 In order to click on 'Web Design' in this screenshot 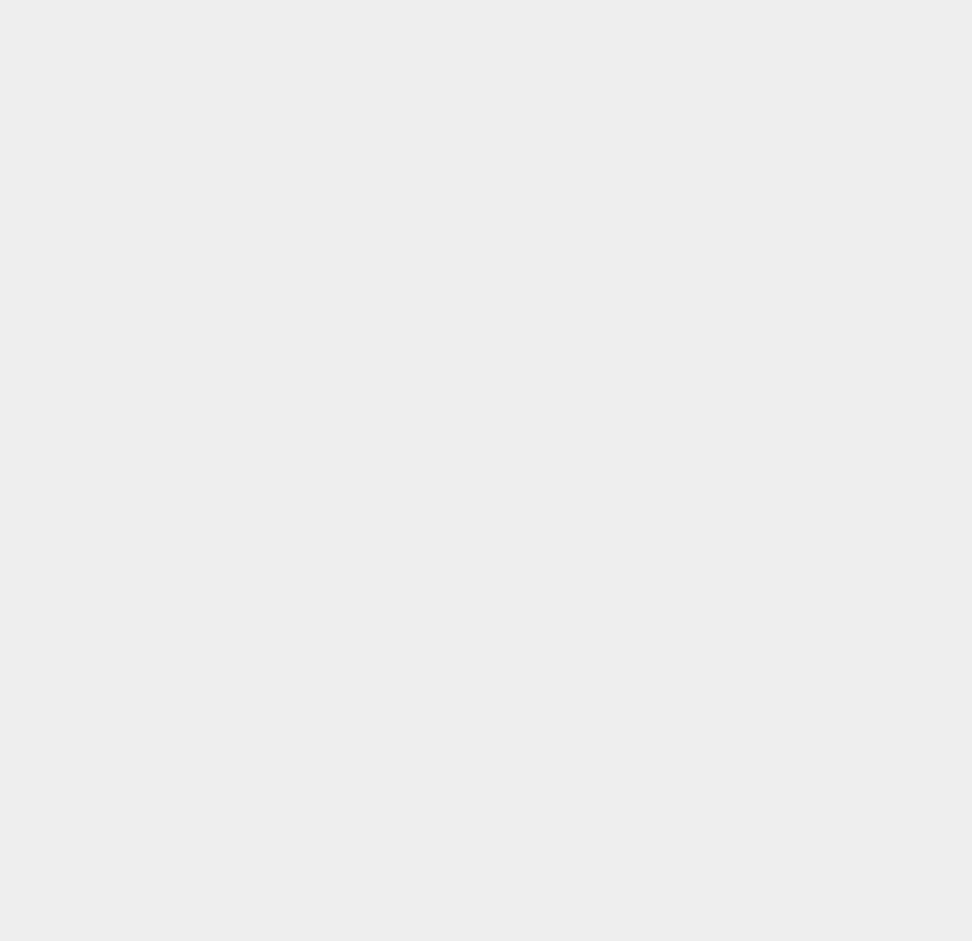, I will do `click(719, 489)`.